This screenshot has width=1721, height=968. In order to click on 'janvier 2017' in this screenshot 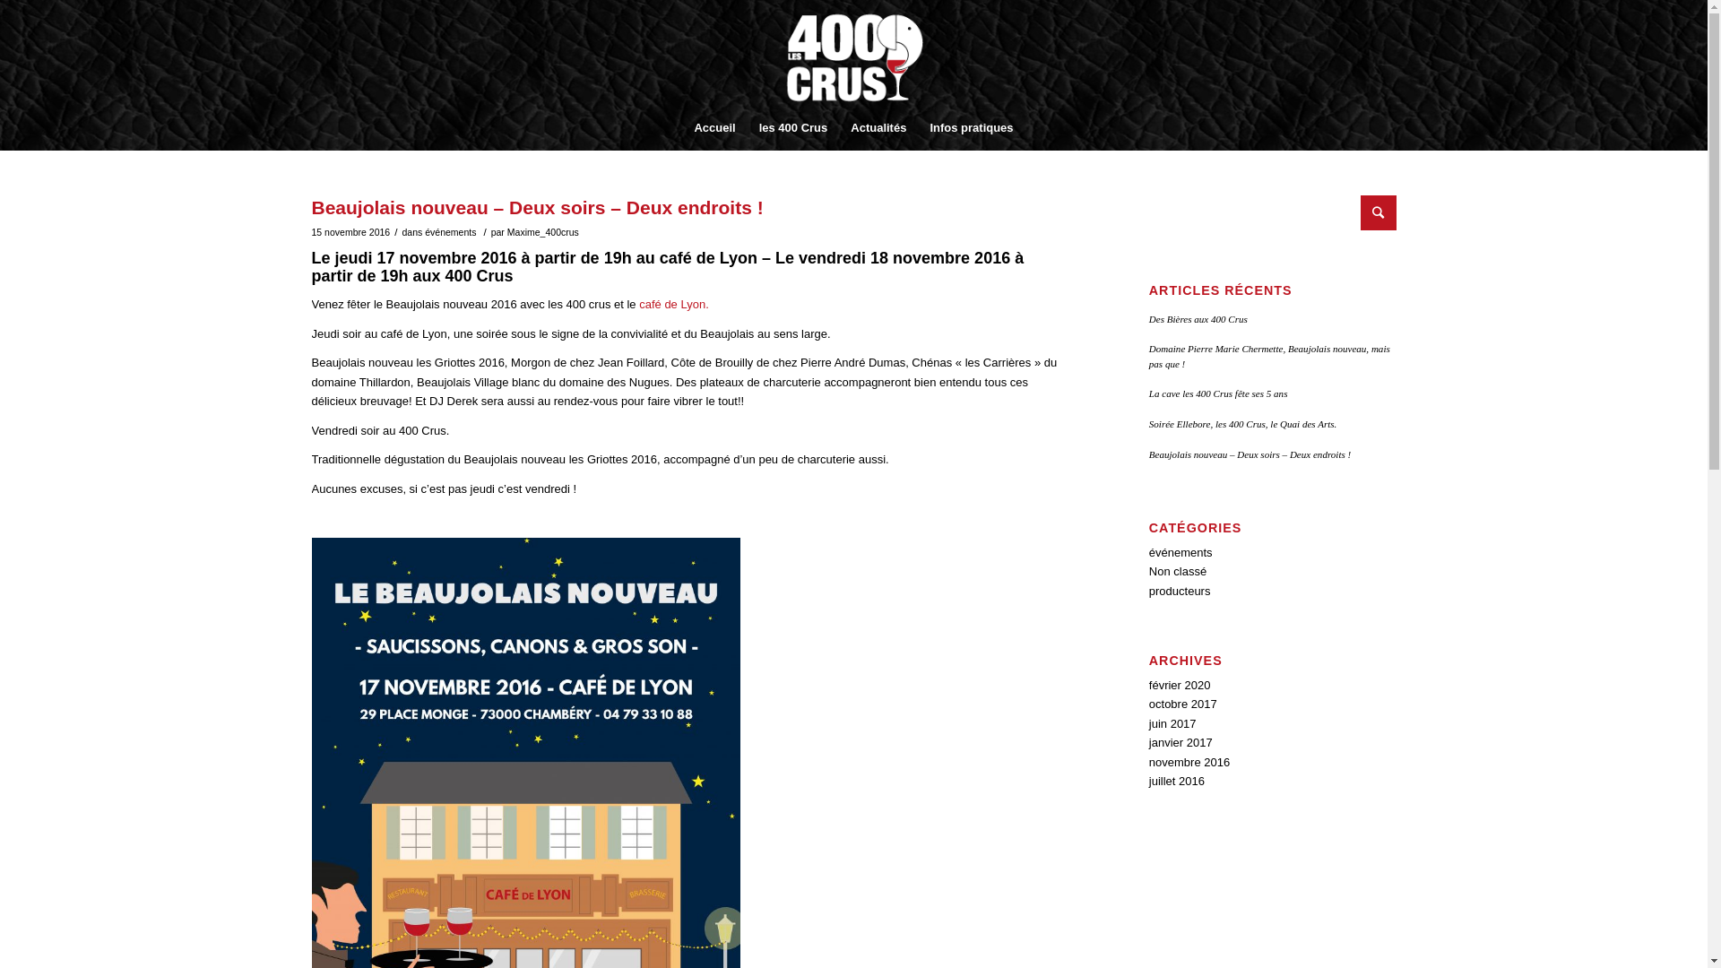, I will do `click(1180, 742)`.